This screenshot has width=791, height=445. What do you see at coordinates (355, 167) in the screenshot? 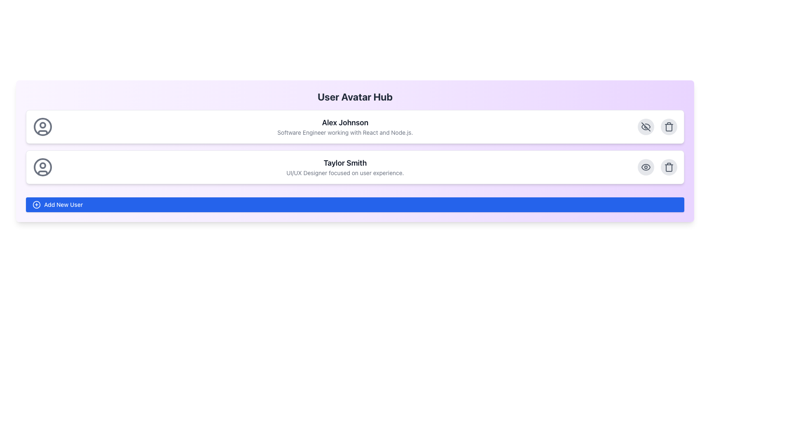
I see `the user profile information card for Taylor Smith, which is the second card in the list located below the 'Alex Johnson' card and above the 'Add New User' button` at bounding box center [355, 167].